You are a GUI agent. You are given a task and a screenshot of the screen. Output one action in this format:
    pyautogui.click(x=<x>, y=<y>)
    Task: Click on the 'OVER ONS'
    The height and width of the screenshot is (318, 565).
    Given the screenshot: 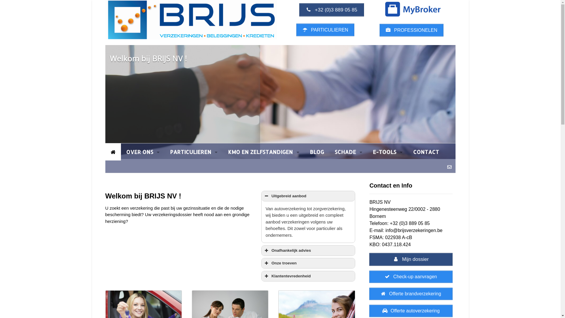 What is the action you would take?
    pyautogui.click(x=142, y=152)
    